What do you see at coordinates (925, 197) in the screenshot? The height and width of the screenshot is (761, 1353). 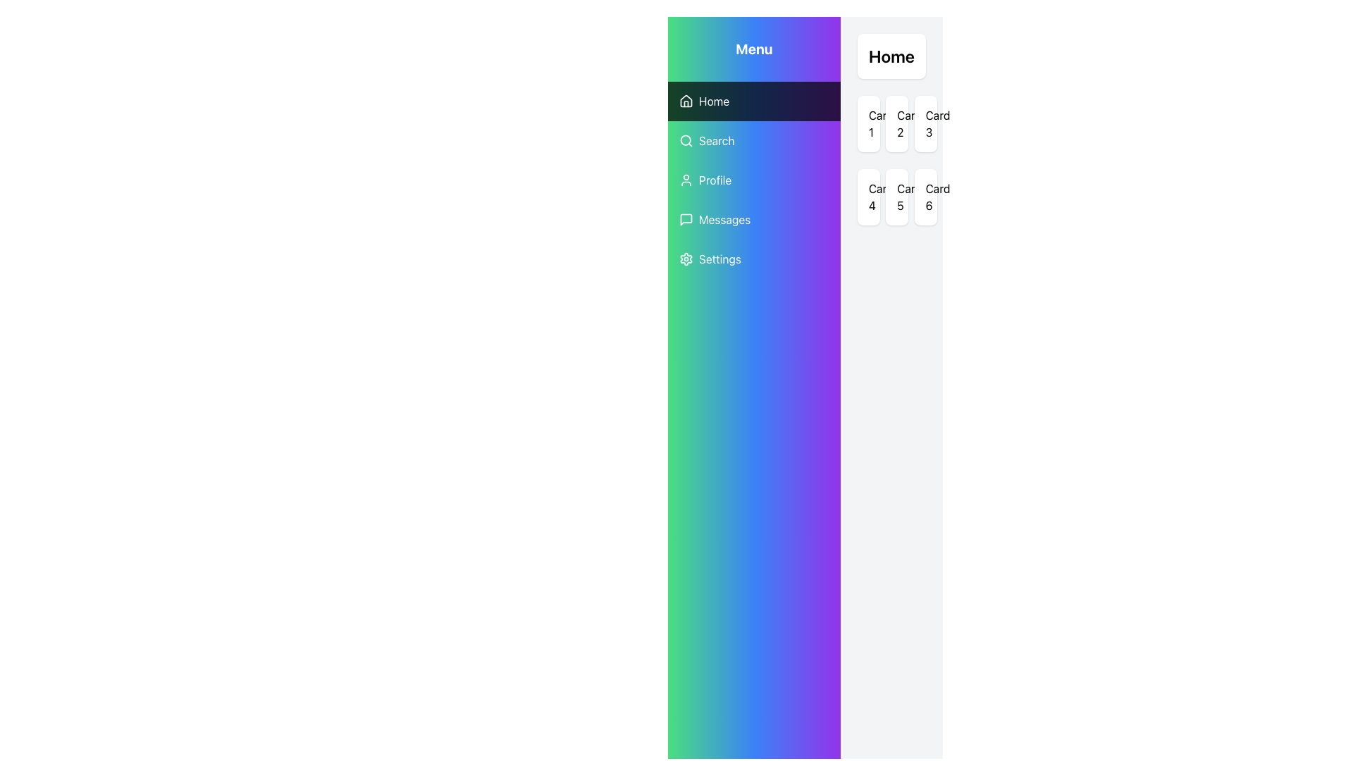 I see `the Static Card labeled 'Card 6', which is the third card in the second row of a grid layout with rounded corners and a white background` at bounding box center [925, 197].